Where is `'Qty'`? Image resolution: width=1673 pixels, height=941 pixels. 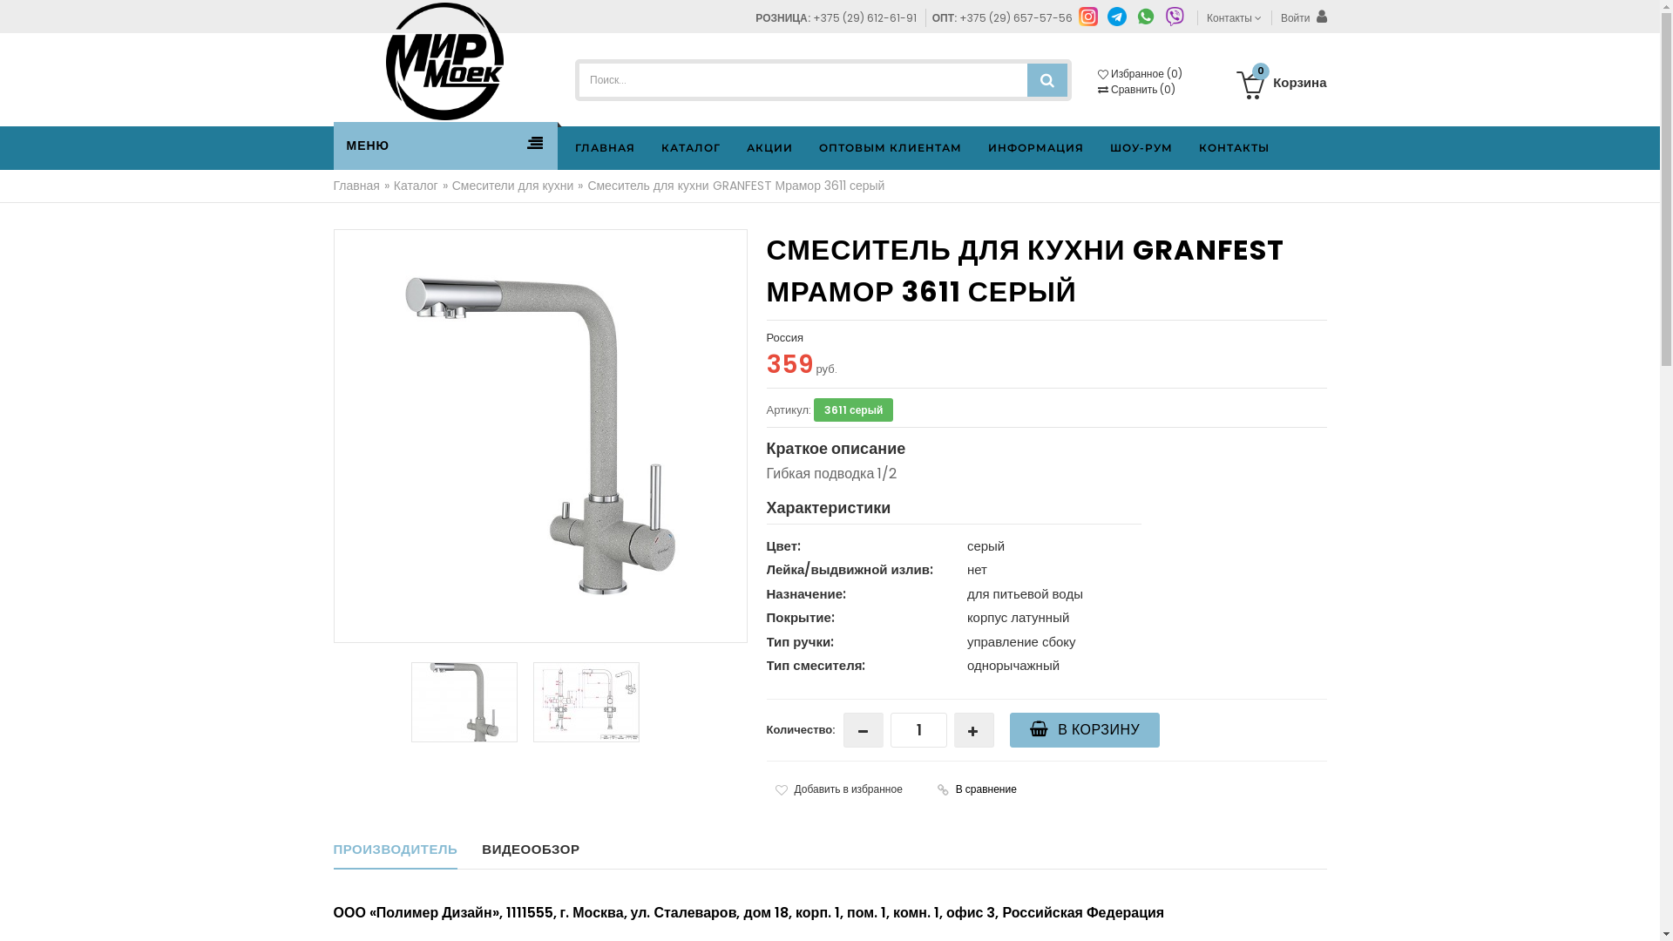 'Qty' is located at coordinates (918, 729).